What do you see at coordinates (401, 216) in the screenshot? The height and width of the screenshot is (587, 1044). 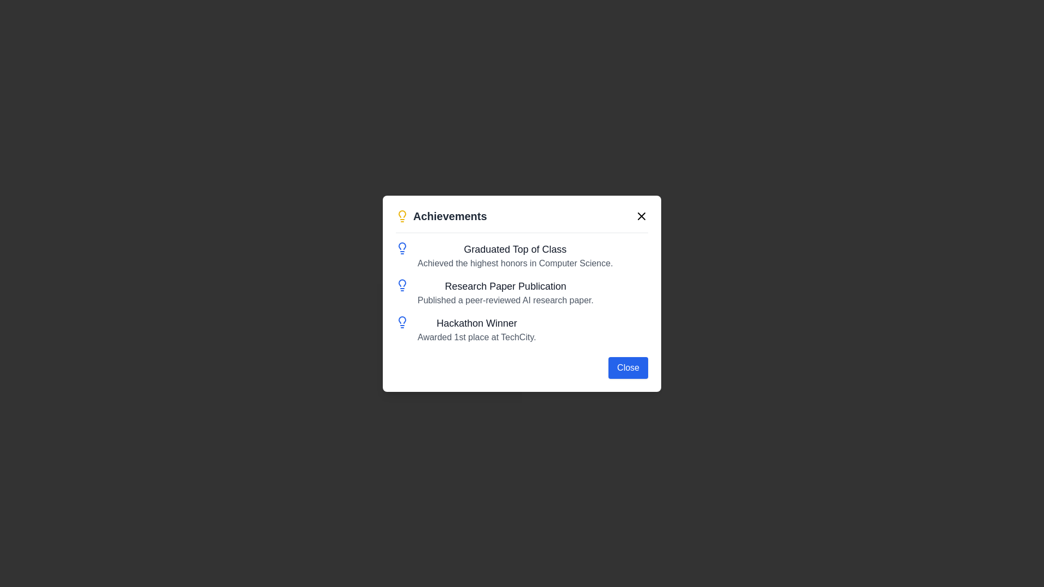 I see `the yellow lightbulb icon, which is styled in a modern flat design and positioned to the left of the 'Achievements' title` at bounding box center [401, 216].